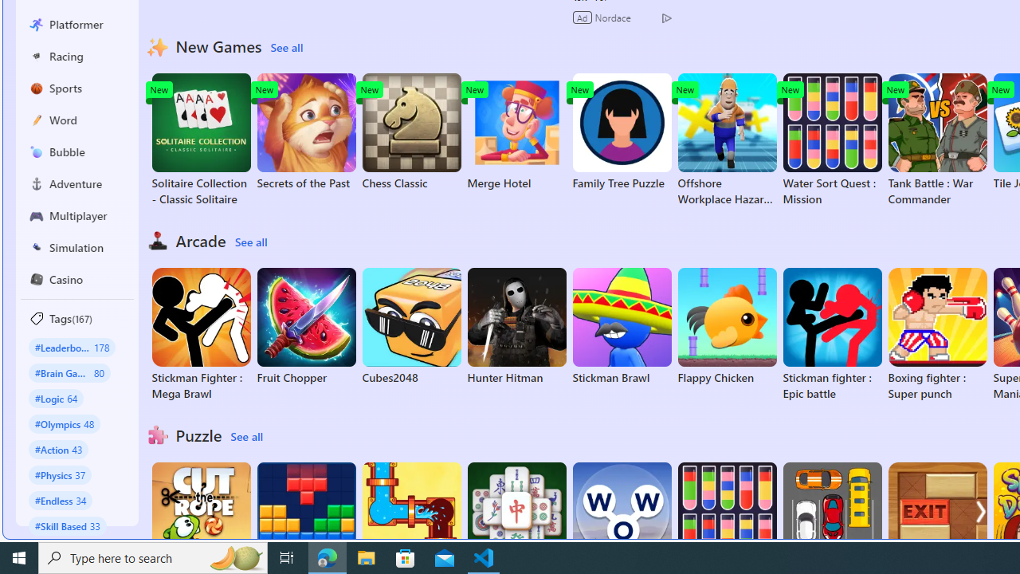 This screenshot has width=1020, height=574. Describe the element at coordinates (831, 334) in the screenshot. I see `'Stickman fighter : Epic battle'` at that location.